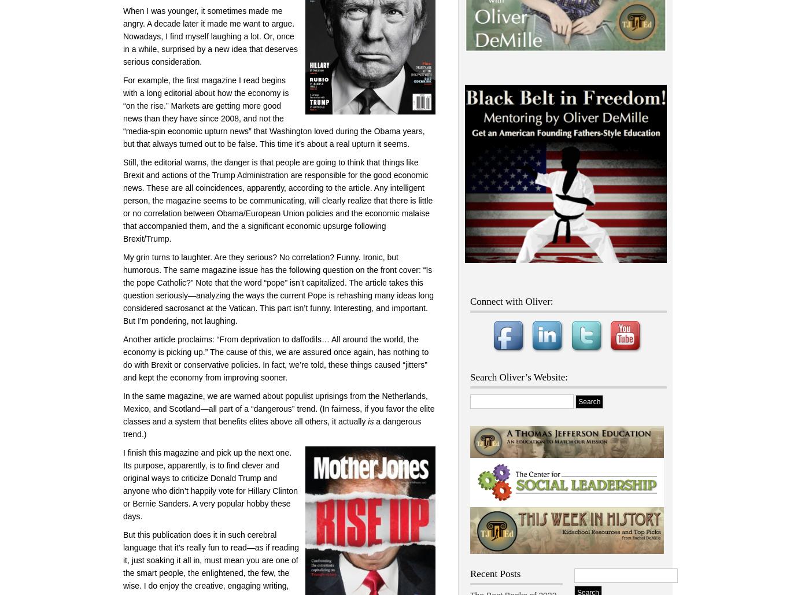  Describe the element at coordinates (209, 36) in the screenshot. I see `'When I was younger, it sometimes made me angry. A decade later it made me want to argue. Nowadays, I find myself laughing a lot. Or, once in a while, surprised by a new idea that deserves serious consideration.'` at that location.